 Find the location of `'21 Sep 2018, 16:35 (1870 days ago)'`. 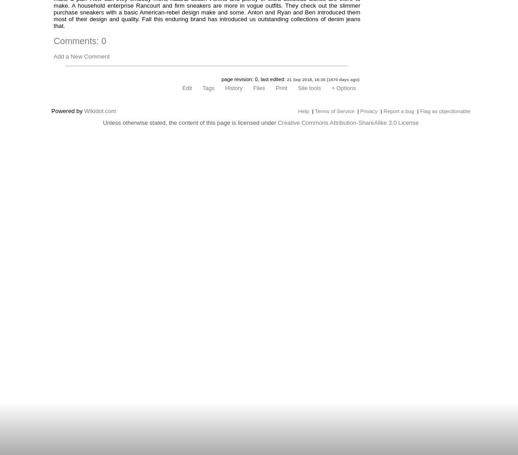

'21 Sep 2018, 16:35 (1870 days ago)' is located at coordinates (323, 79).